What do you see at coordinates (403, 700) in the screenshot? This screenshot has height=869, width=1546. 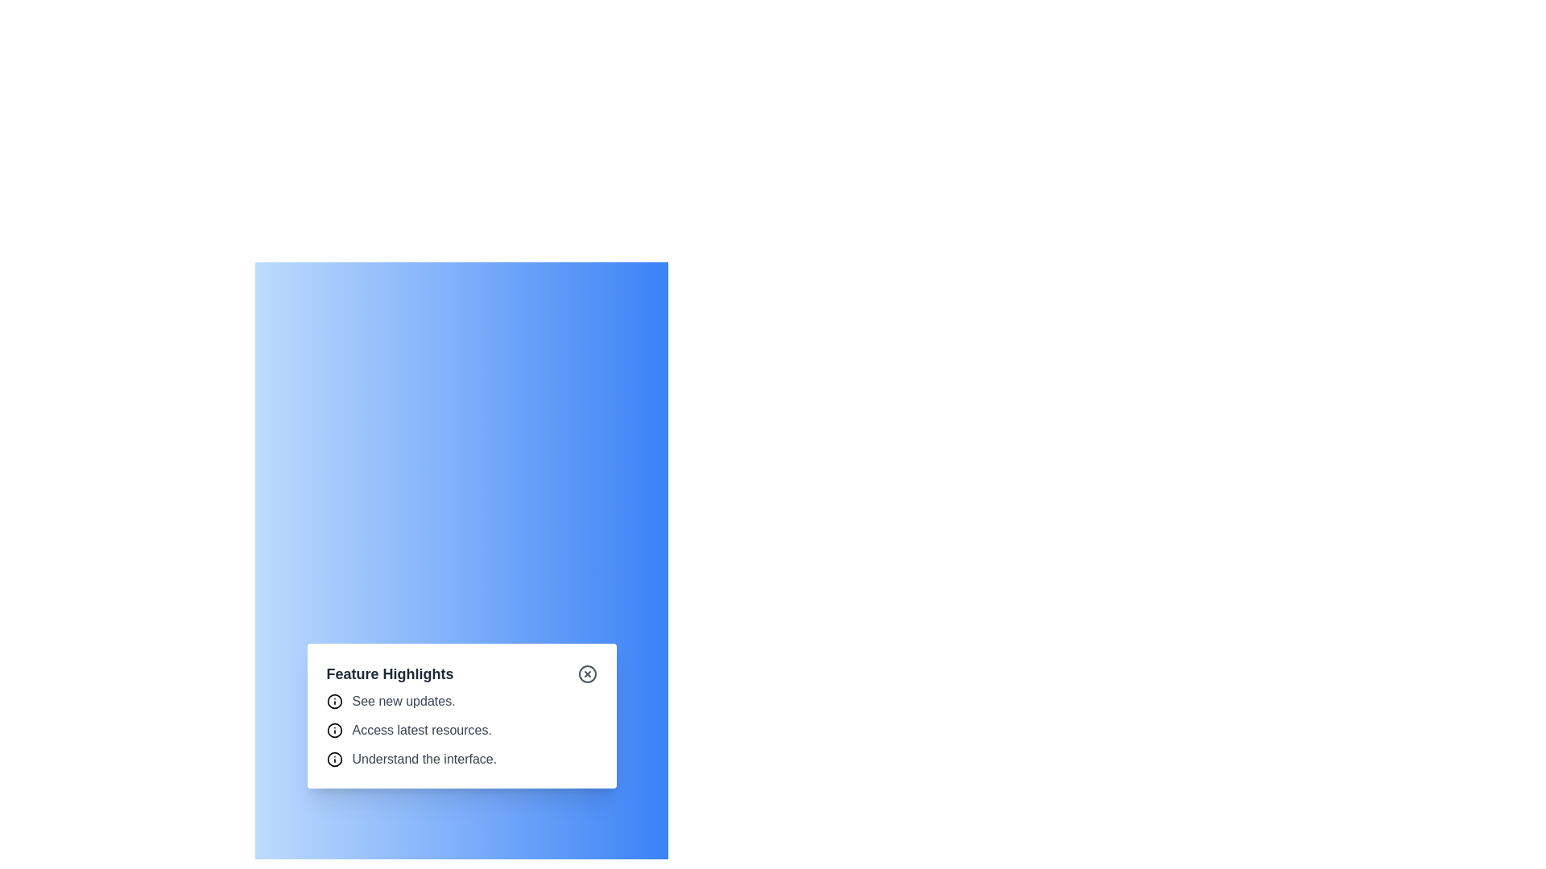 I see `the text label displaying 'See new updates.' in gray color, located within the 'Feature Highlights' panel` at bounding box center [403, 700].